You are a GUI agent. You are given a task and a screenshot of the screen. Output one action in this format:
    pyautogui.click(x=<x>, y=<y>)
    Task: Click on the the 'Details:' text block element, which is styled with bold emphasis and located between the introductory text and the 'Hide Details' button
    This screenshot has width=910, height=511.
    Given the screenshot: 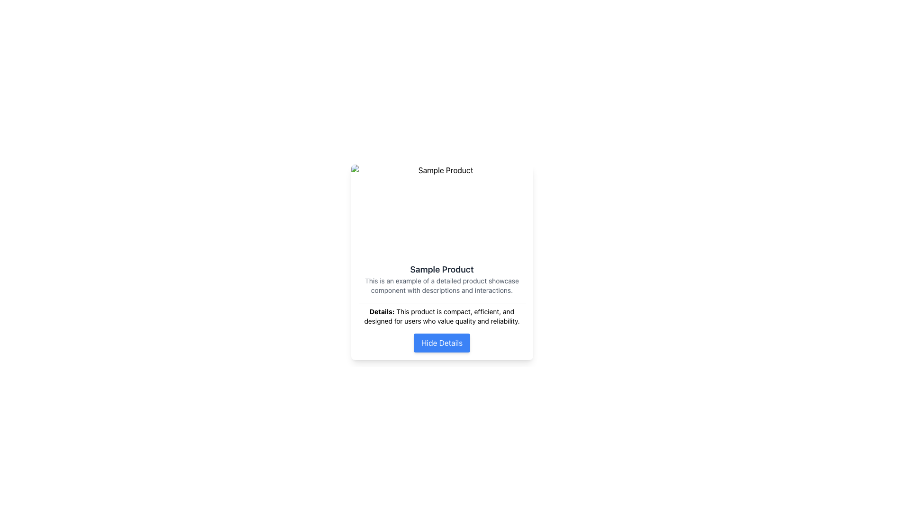 What is the action you would take?
    pyautogui.click(x=441, y=314)
    